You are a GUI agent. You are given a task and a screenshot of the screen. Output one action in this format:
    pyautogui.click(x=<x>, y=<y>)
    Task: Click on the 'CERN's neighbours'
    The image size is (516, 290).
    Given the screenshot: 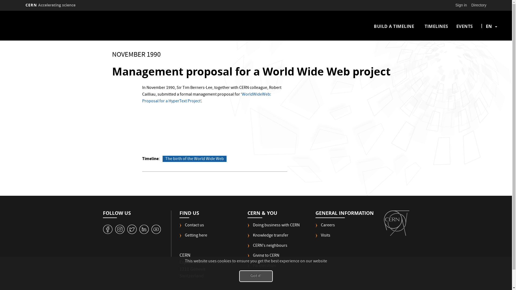 What is the action you would take?
    pyautogui.click(x=247, y=248)
    